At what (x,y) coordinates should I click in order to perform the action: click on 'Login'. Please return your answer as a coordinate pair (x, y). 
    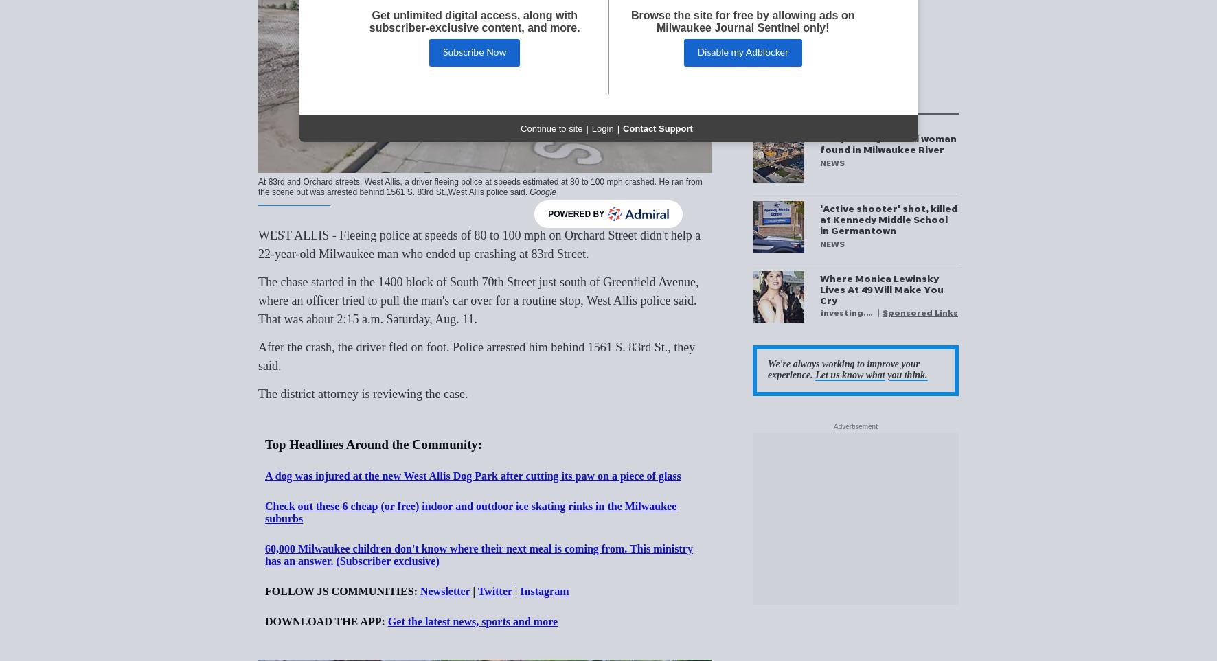
    Looking at the image, I should click on (591, 127).